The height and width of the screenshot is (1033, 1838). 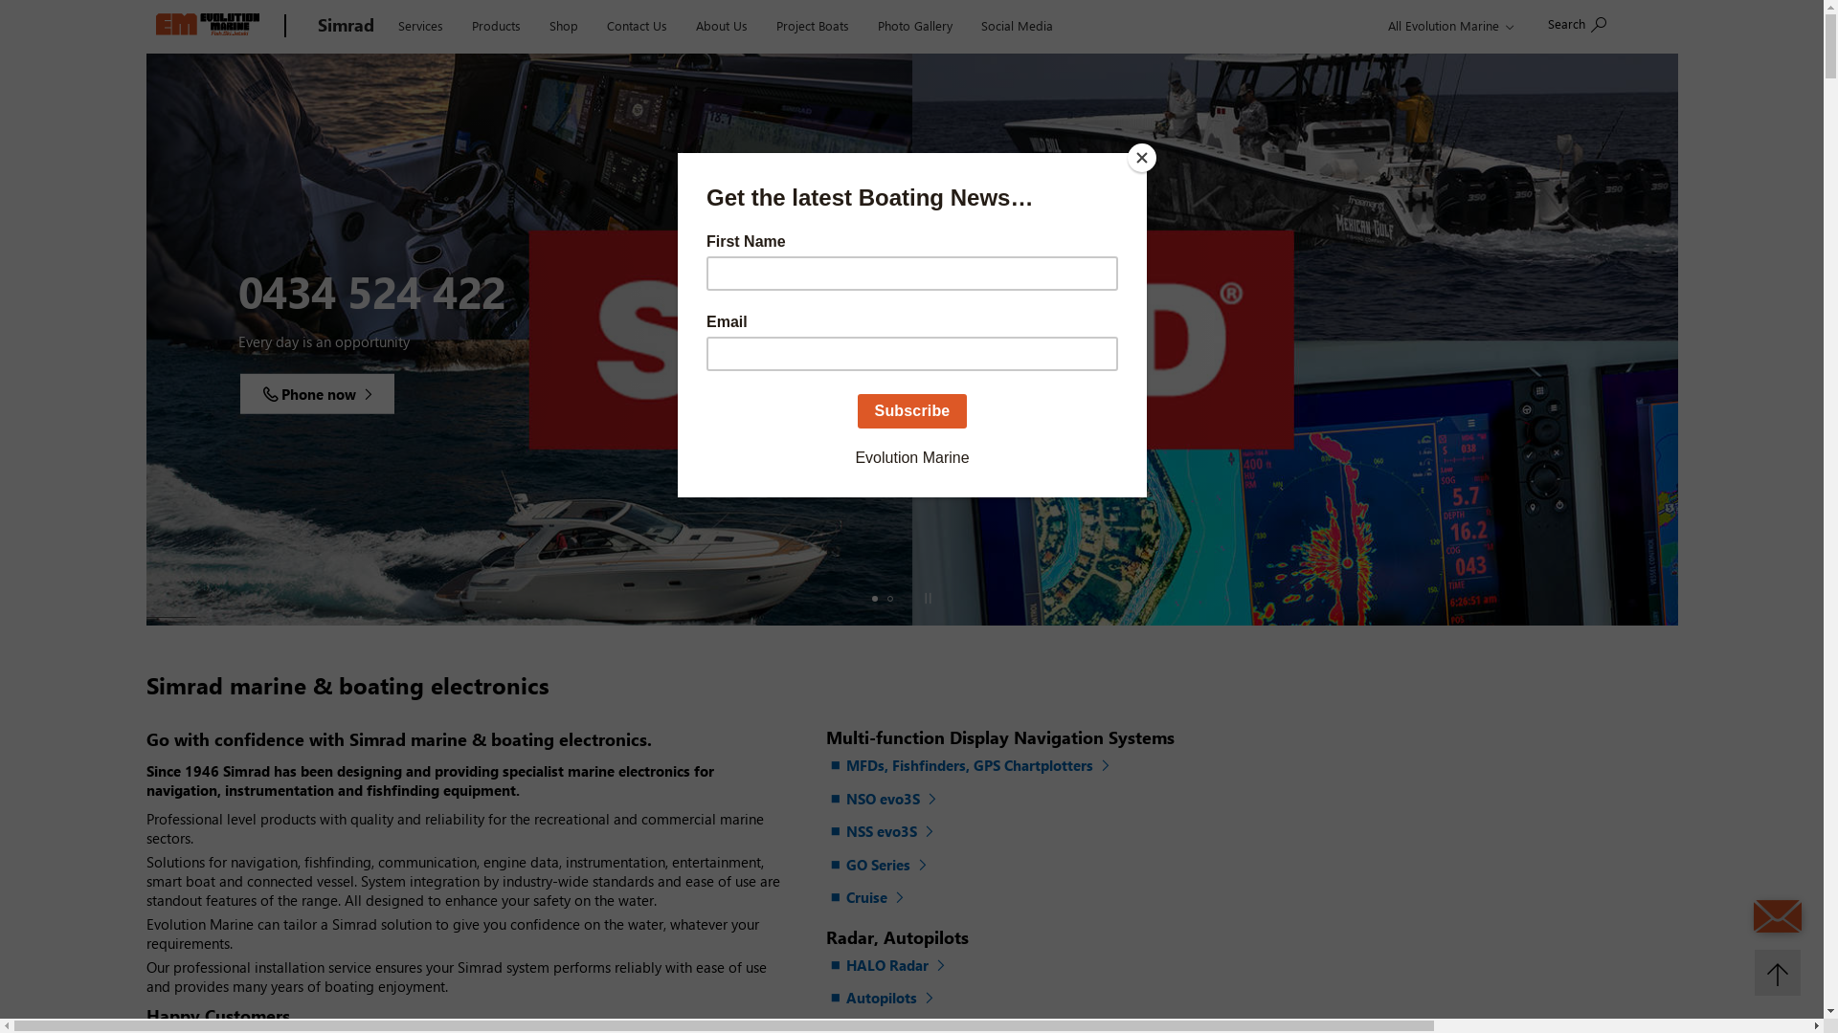 I want to click on 'Contact Us', so click(x=636, y=23).